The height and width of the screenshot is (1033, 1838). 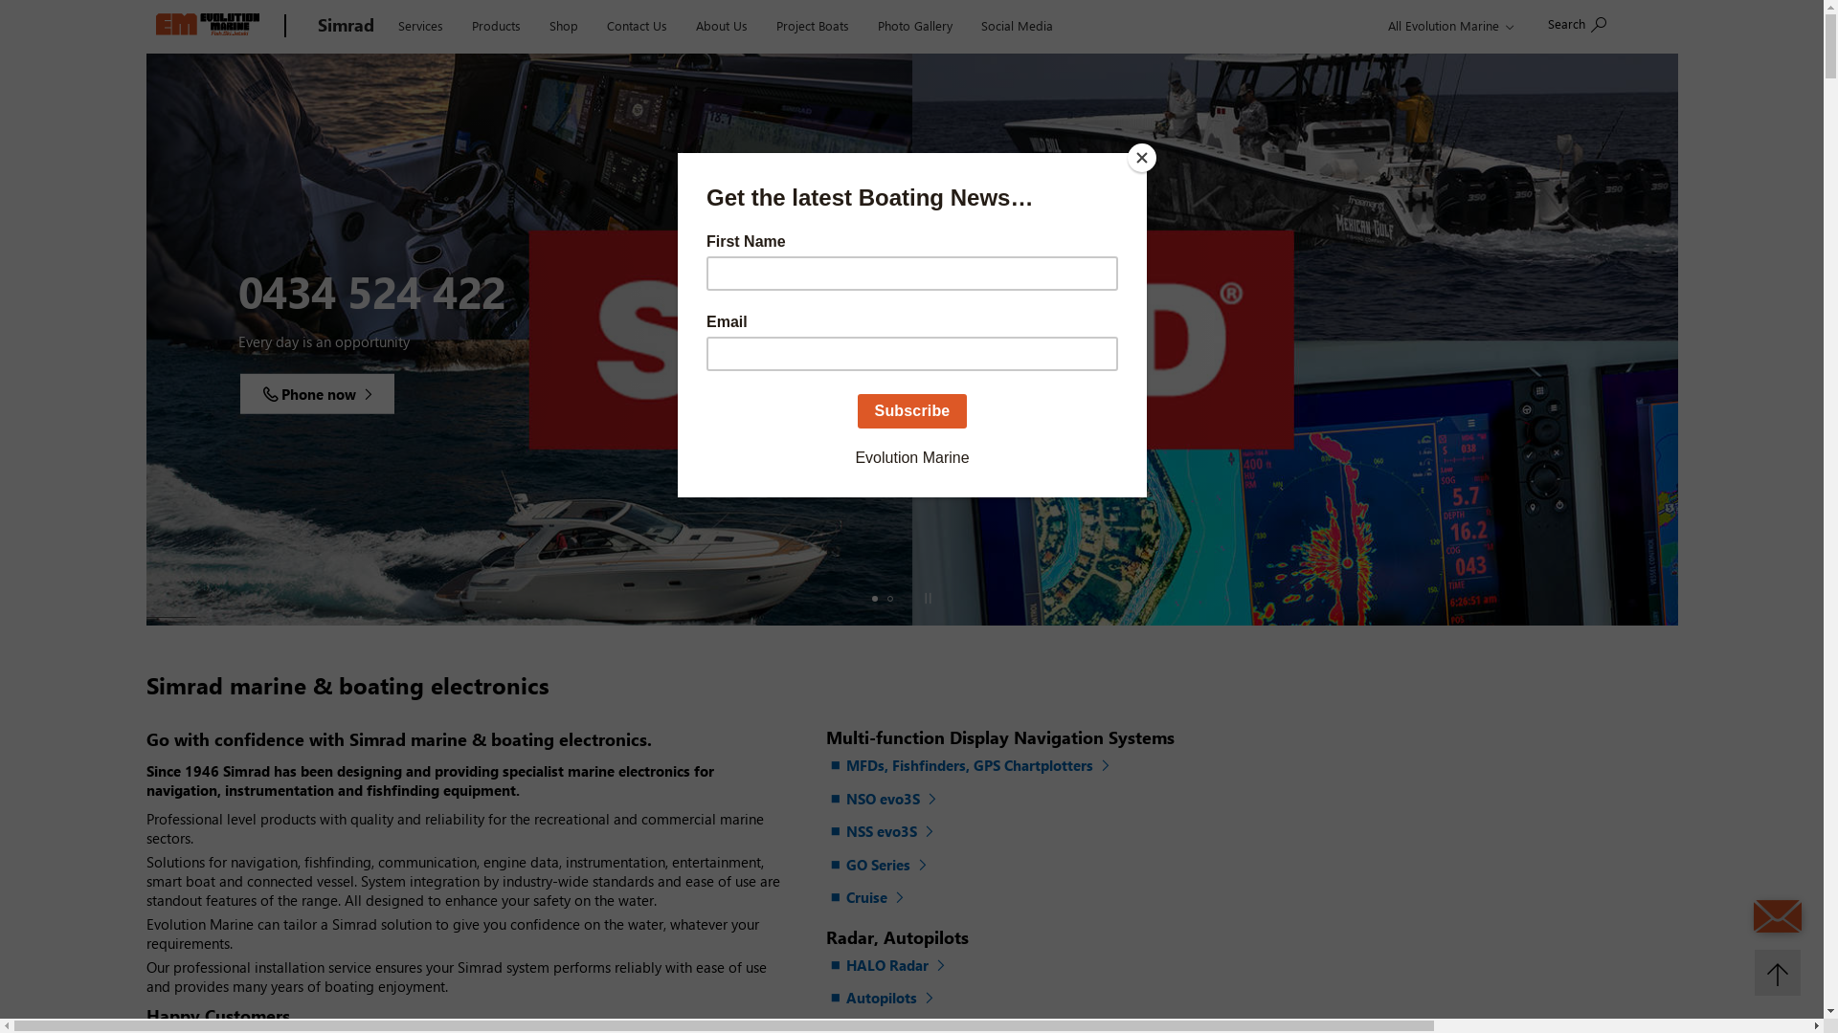 I want to click on 'Contact Us', so click(x=636, y=23).